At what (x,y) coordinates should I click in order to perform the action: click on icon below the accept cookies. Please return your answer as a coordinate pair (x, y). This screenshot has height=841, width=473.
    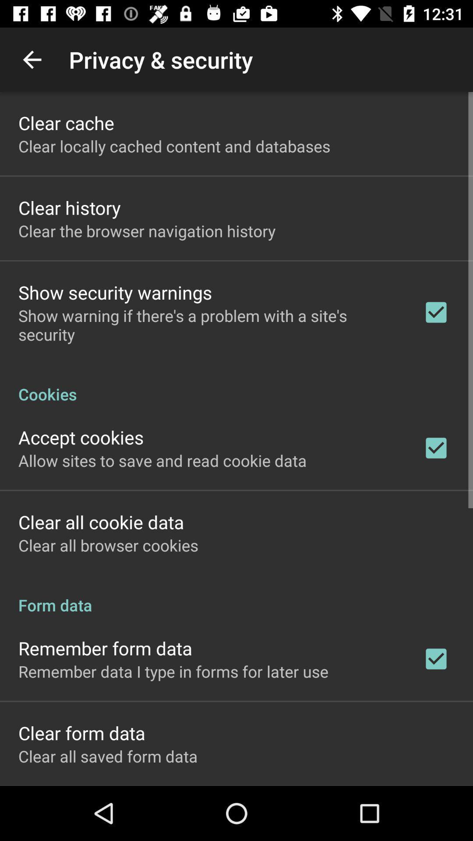
    Looking at the image, I should click on (162, 460).